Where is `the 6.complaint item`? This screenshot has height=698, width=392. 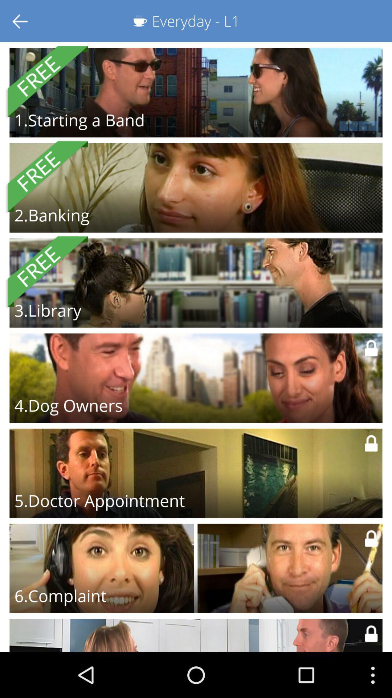 the 6.complaint item is located at coordinates (60, 595).